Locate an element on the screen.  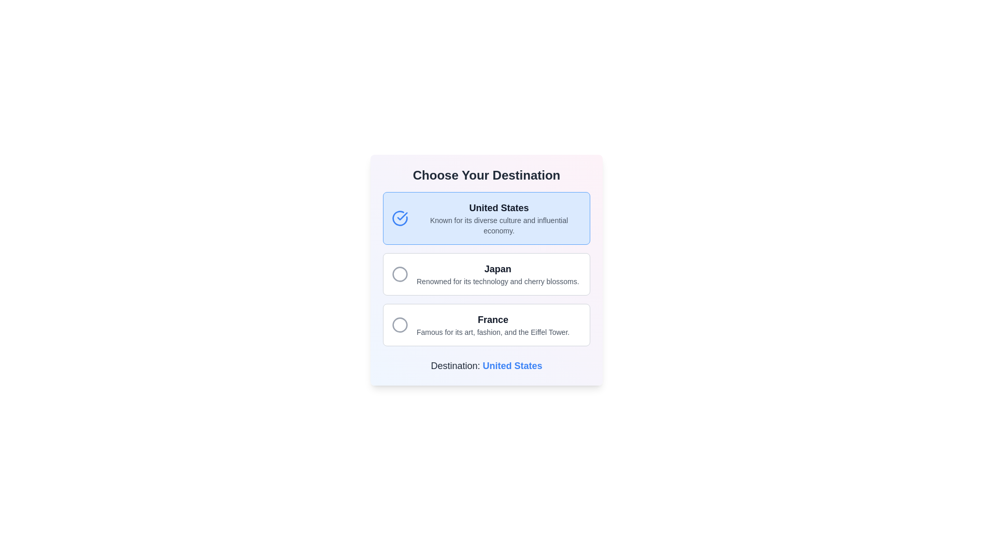
the Text Label displaying 'Famous for its art, fashion, and the Eiffel Tower.' which is located directly below the text 'France' is located at coordinates (492, 332).